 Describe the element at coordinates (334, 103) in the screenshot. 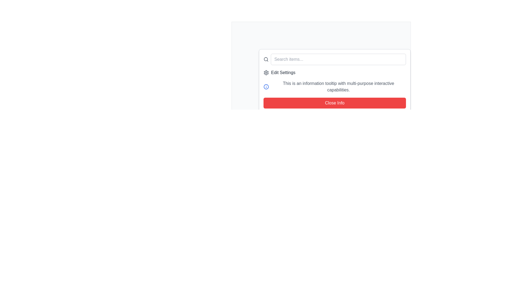

I see `the 'Close Info' button, which is a rectangular button with rounded corners, featuring a bright red background and bold white text, located at the bottom of the information panel` at that location.